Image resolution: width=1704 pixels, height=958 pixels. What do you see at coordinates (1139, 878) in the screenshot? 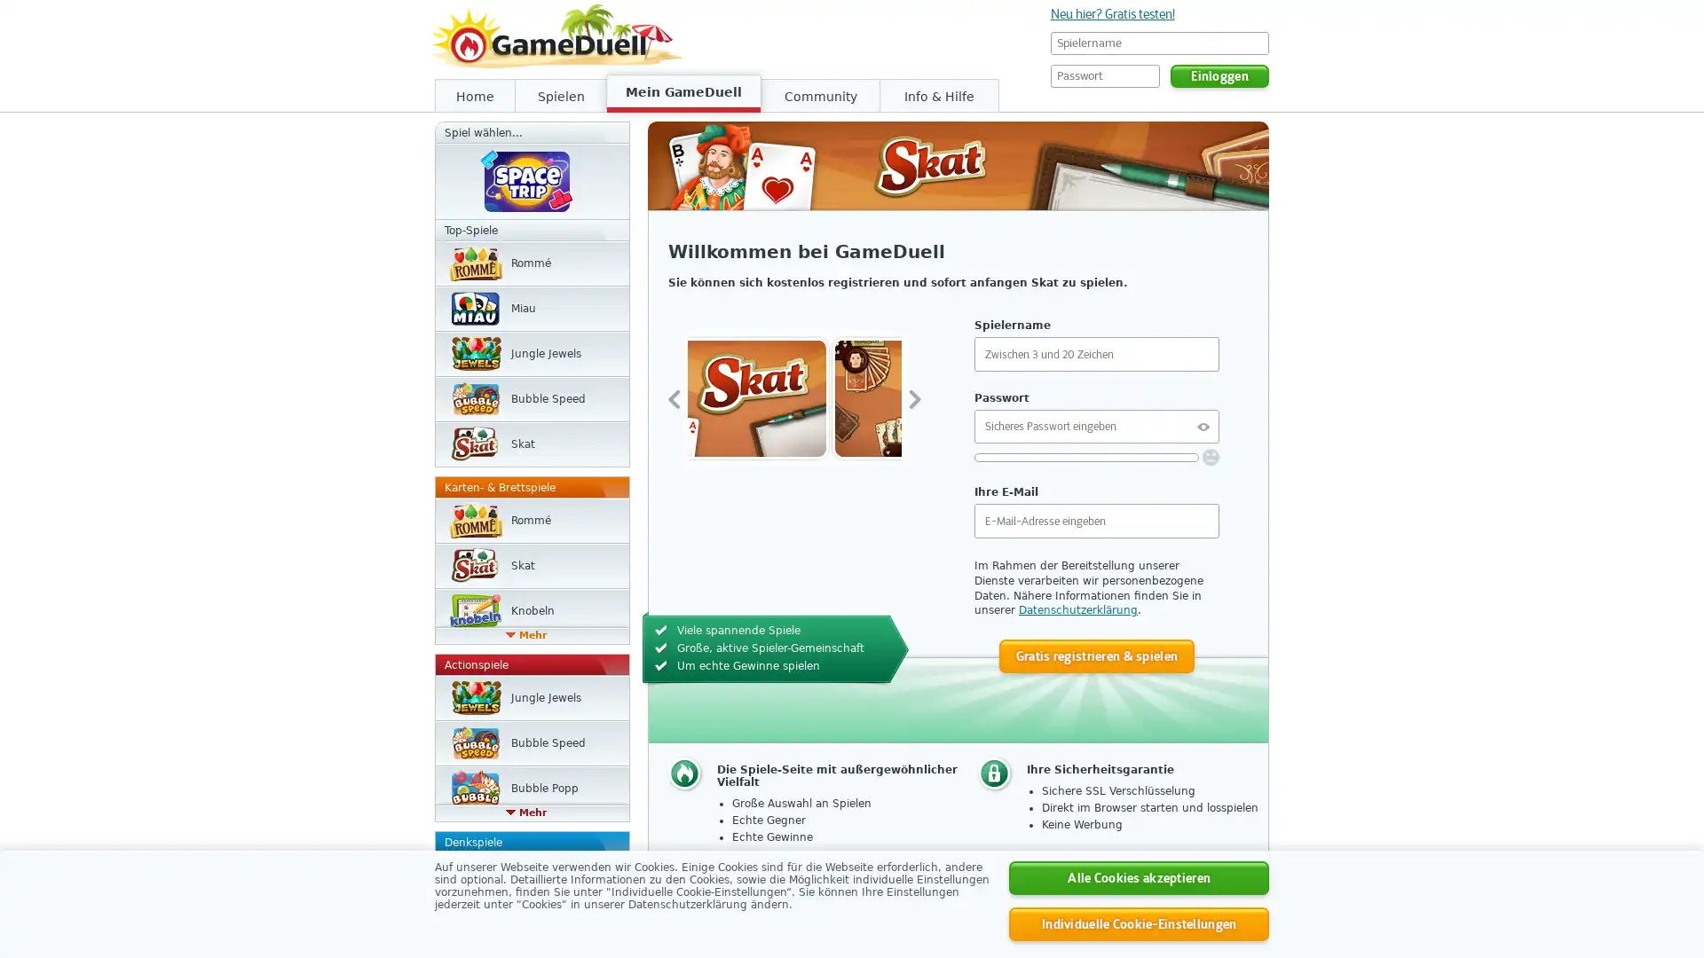
I see `Alle Cookies akzeptieren` at bounding box center [1139, 878].